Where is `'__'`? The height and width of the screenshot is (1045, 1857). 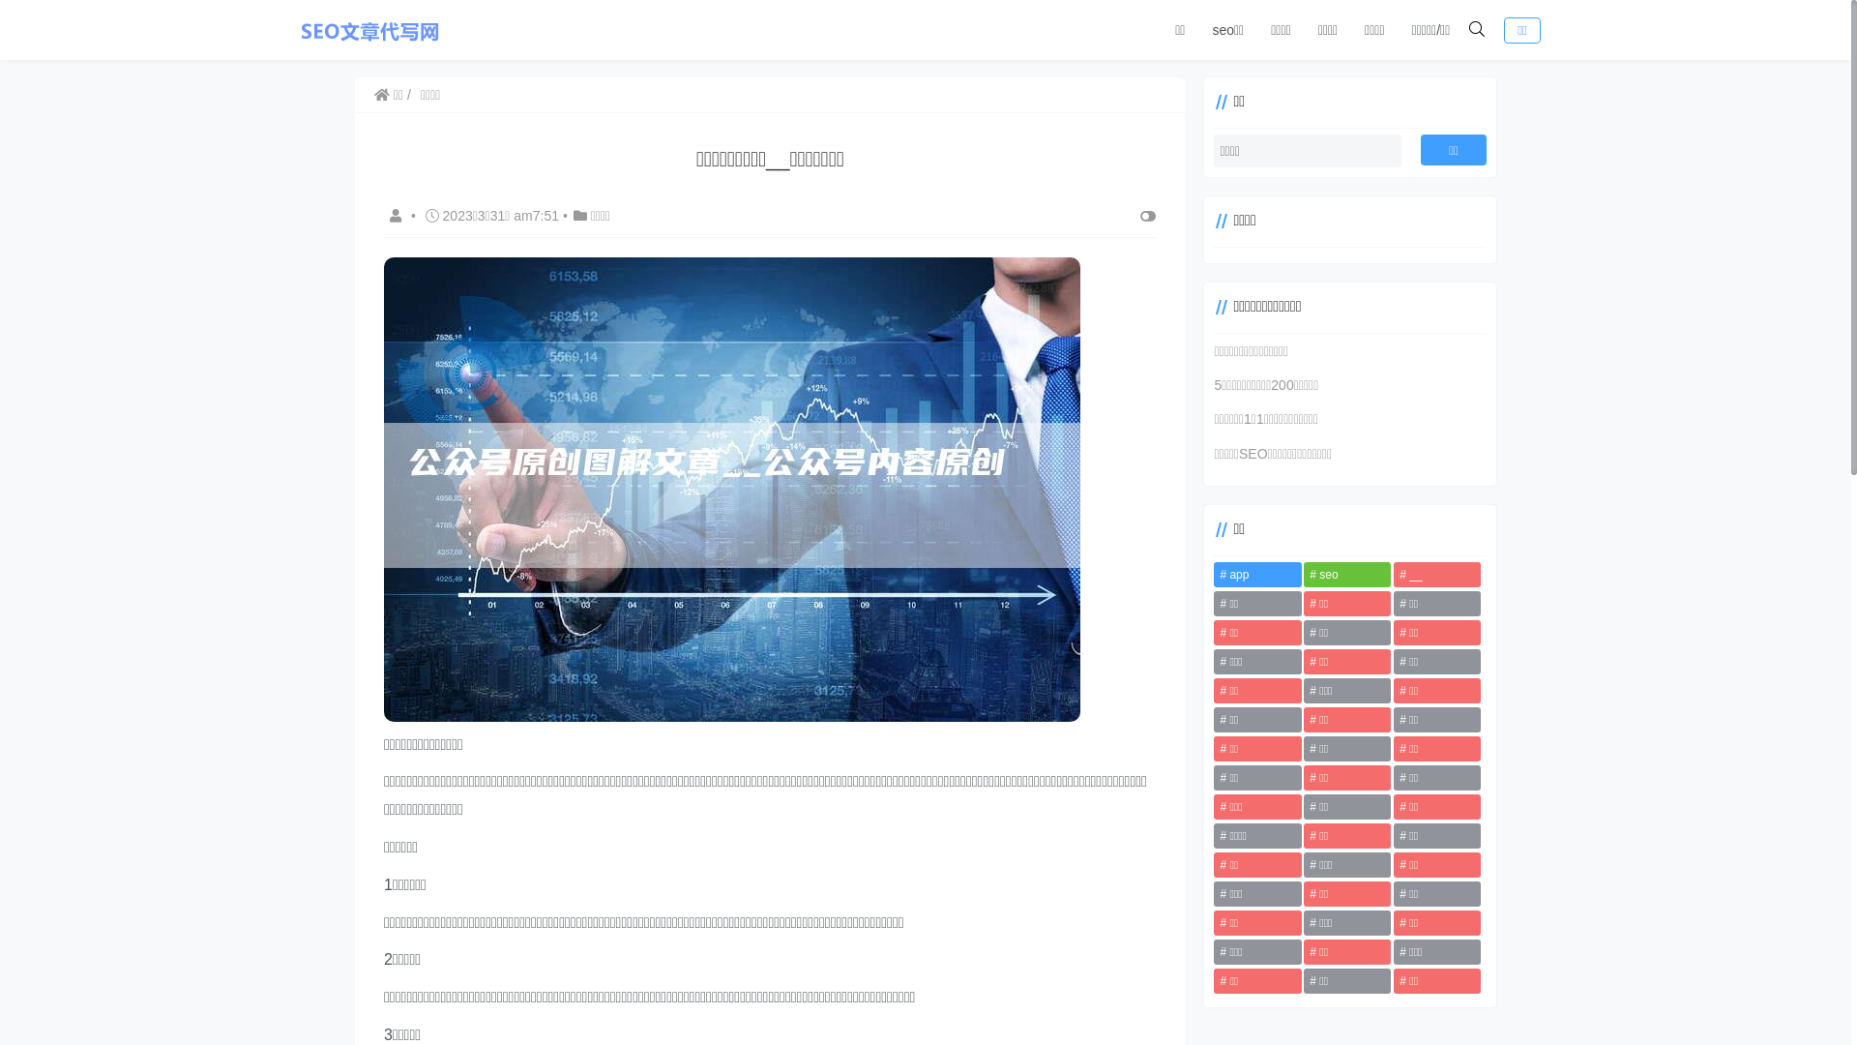
'__' is located at coordinates (1437, 574).